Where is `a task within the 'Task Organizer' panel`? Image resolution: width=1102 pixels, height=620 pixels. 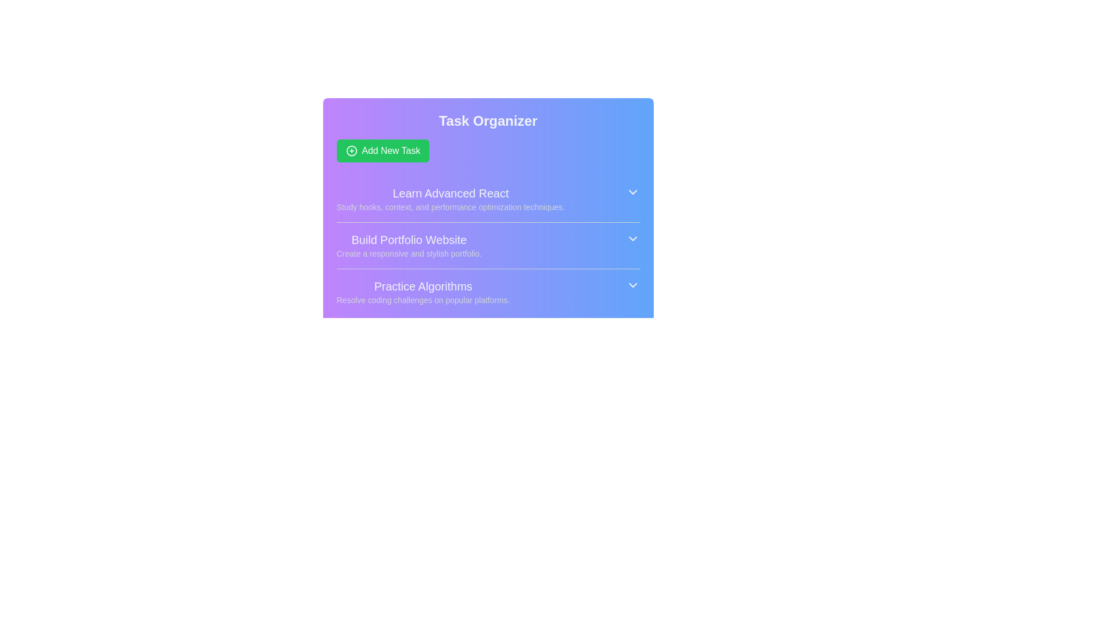 a task within the 'Task Organizer' panel is located at coordinates (488, 213).